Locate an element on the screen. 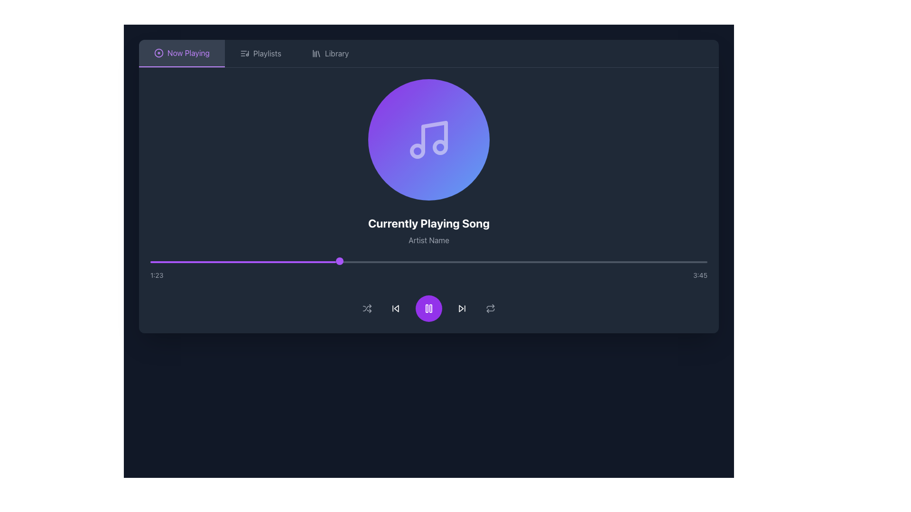 The width and height of the screenshot is (911, 512). the rightmost decorative circle in the music note graphic within the music player interface is located at coordinates (439, 147).